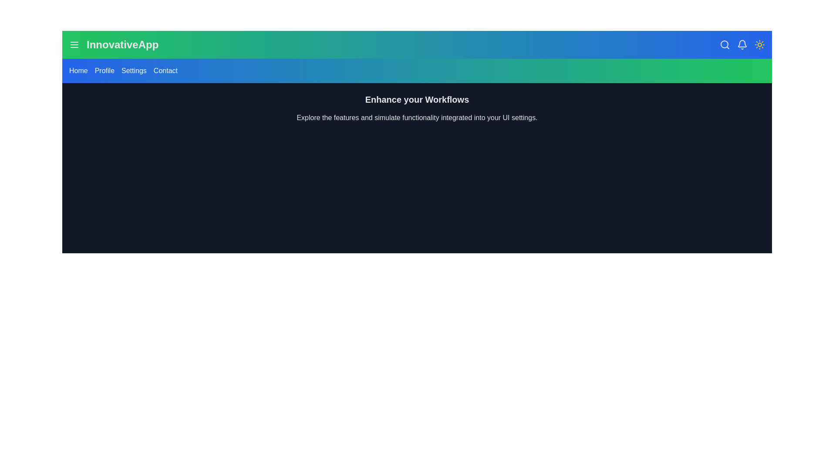 This screenshot has height=470, width=836. Describe the element at coordinates (78, 70) in the screenshot. I see `the Home menu link to navigate to the respective section` at that location.